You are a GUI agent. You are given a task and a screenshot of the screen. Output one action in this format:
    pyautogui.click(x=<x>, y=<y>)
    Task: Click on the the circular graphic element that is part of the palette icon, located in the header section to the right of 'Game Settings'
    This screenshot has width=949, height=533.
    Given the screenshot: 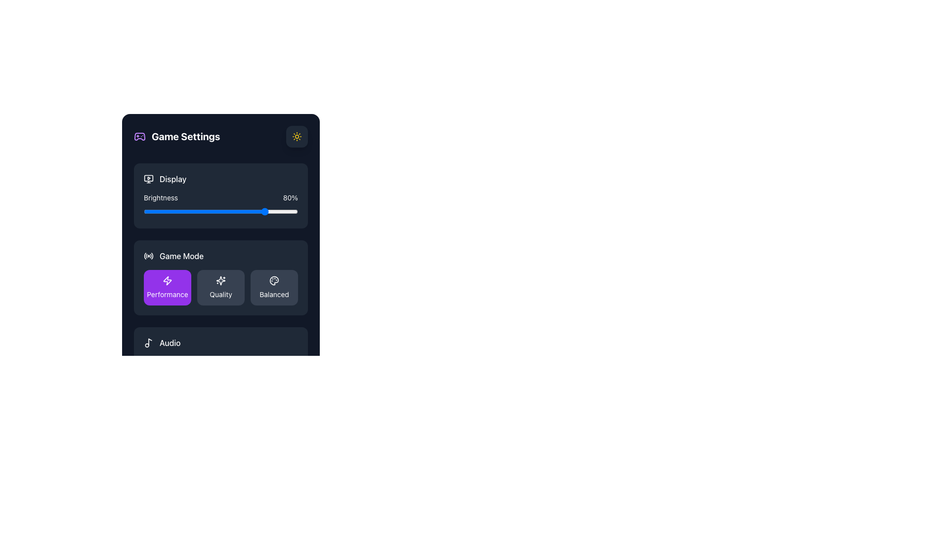 What is the action you would take?
    pyautogui.click(x=274, y=281)
    